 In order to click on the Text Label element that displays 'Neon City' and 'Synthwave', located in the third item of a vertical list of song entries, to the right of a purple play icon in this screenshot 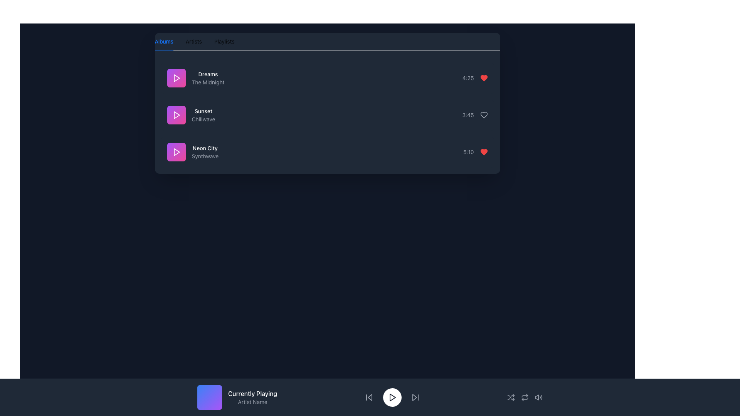, I will do `click(205, 152)`.